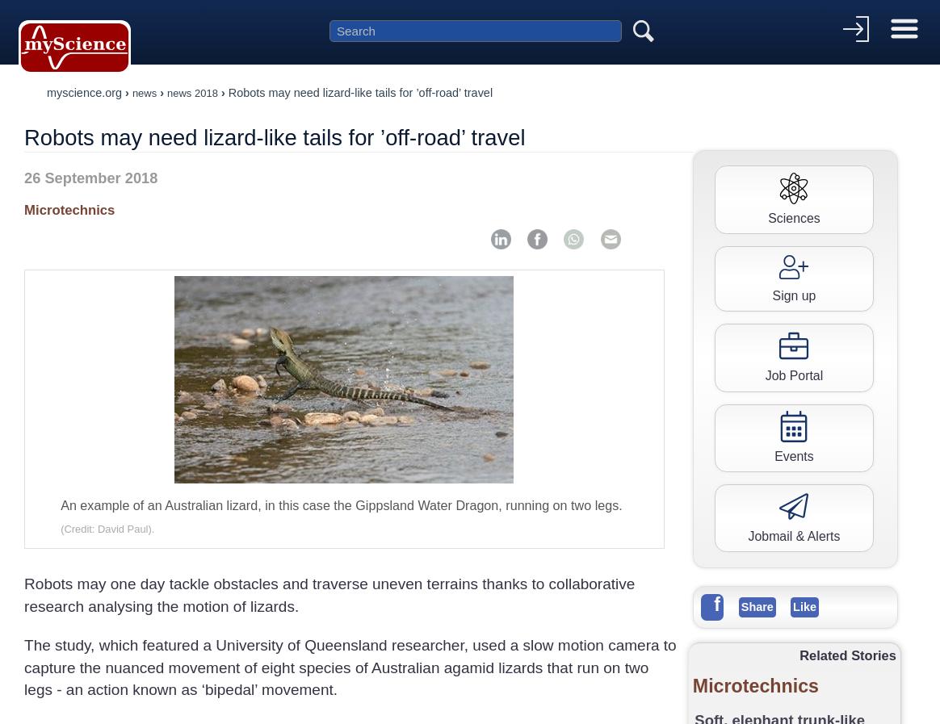 The width and height of the screenshot is (940, 724). What do you see at coordinates (793, 375) in the screenshot?
I see `'Job Portal'` at bounding box center [793, 375].